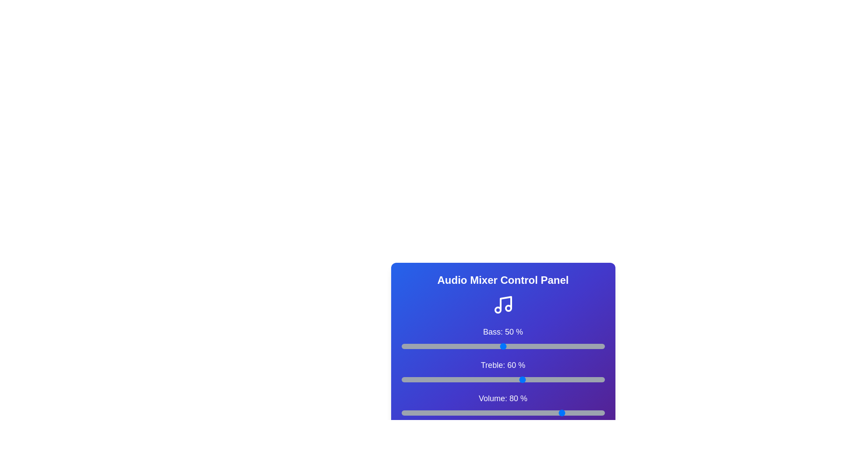 The image size is (841, 473). What do you see at coordinates (464, 346) in the screenshot?
I see `the bass slider to 31%` at bounding box center [464, 346].